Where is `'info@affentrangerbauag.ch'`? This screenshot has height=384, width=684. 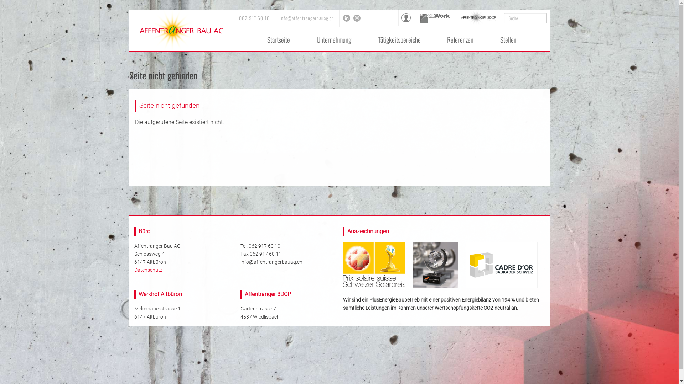 'info@affentrangerbauag.ch' is located at coordinates (307, 17).